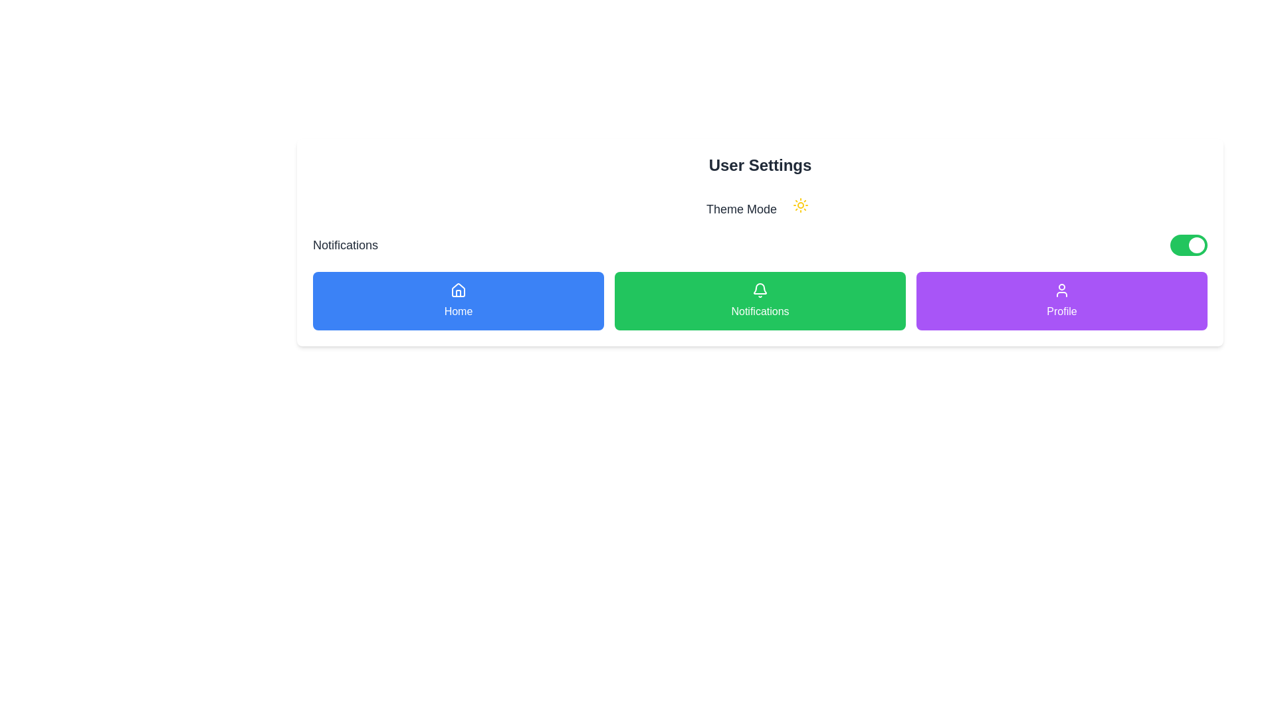  Describe the element at coordinates (799, 205) in the screenshot. I see `the toggleable button for visual theme settings located to the right of the 'Theme Mode' text in the 'User Settings' section` at that location.